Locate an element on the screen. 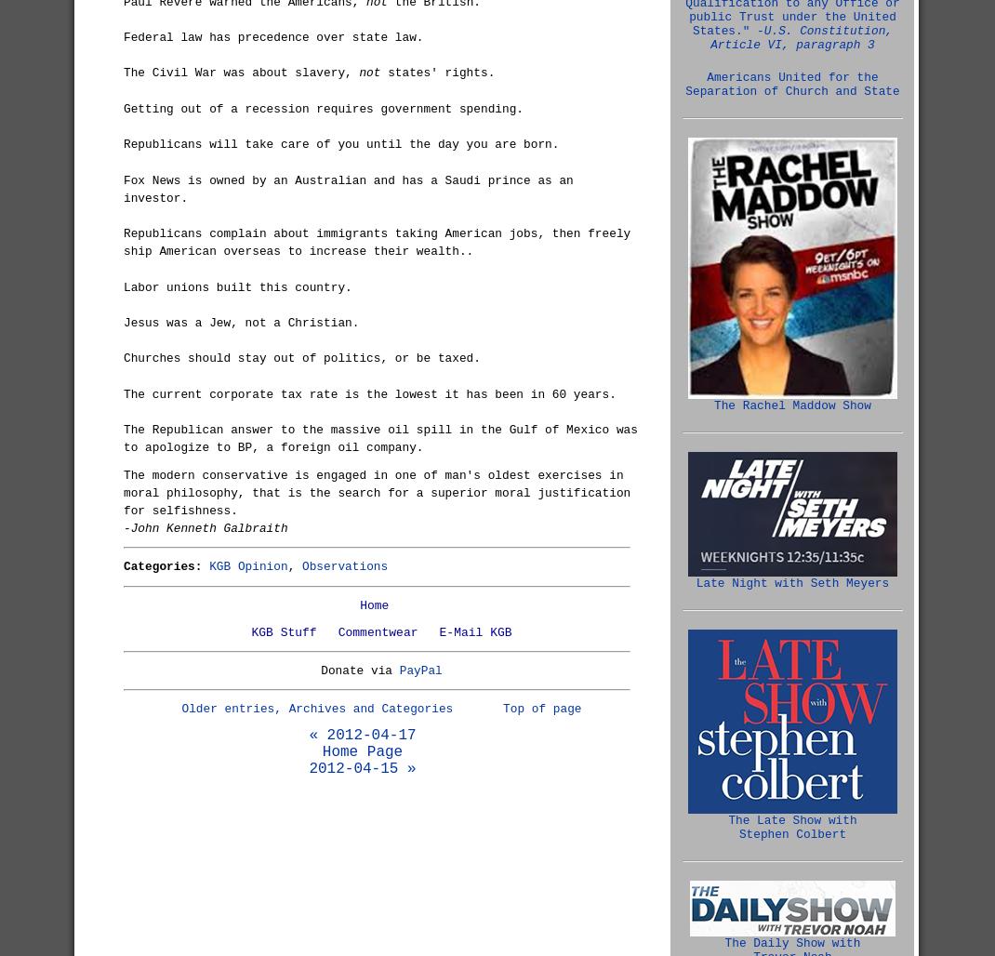  'E-Mail KGB' is located at coordinates (475, 631).